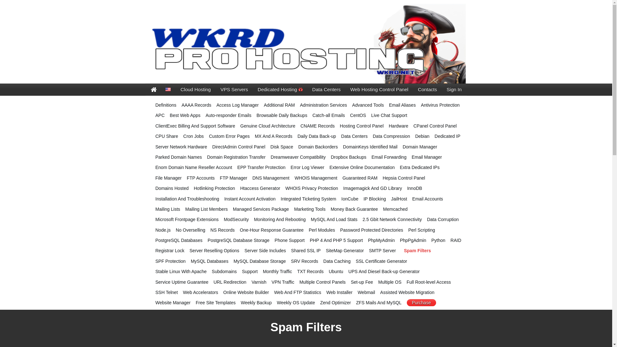 The image size is (617, 347). Describe the element at coordinates (294, 209) in the screenshot. I see `'Marketing Tools'` at that location.